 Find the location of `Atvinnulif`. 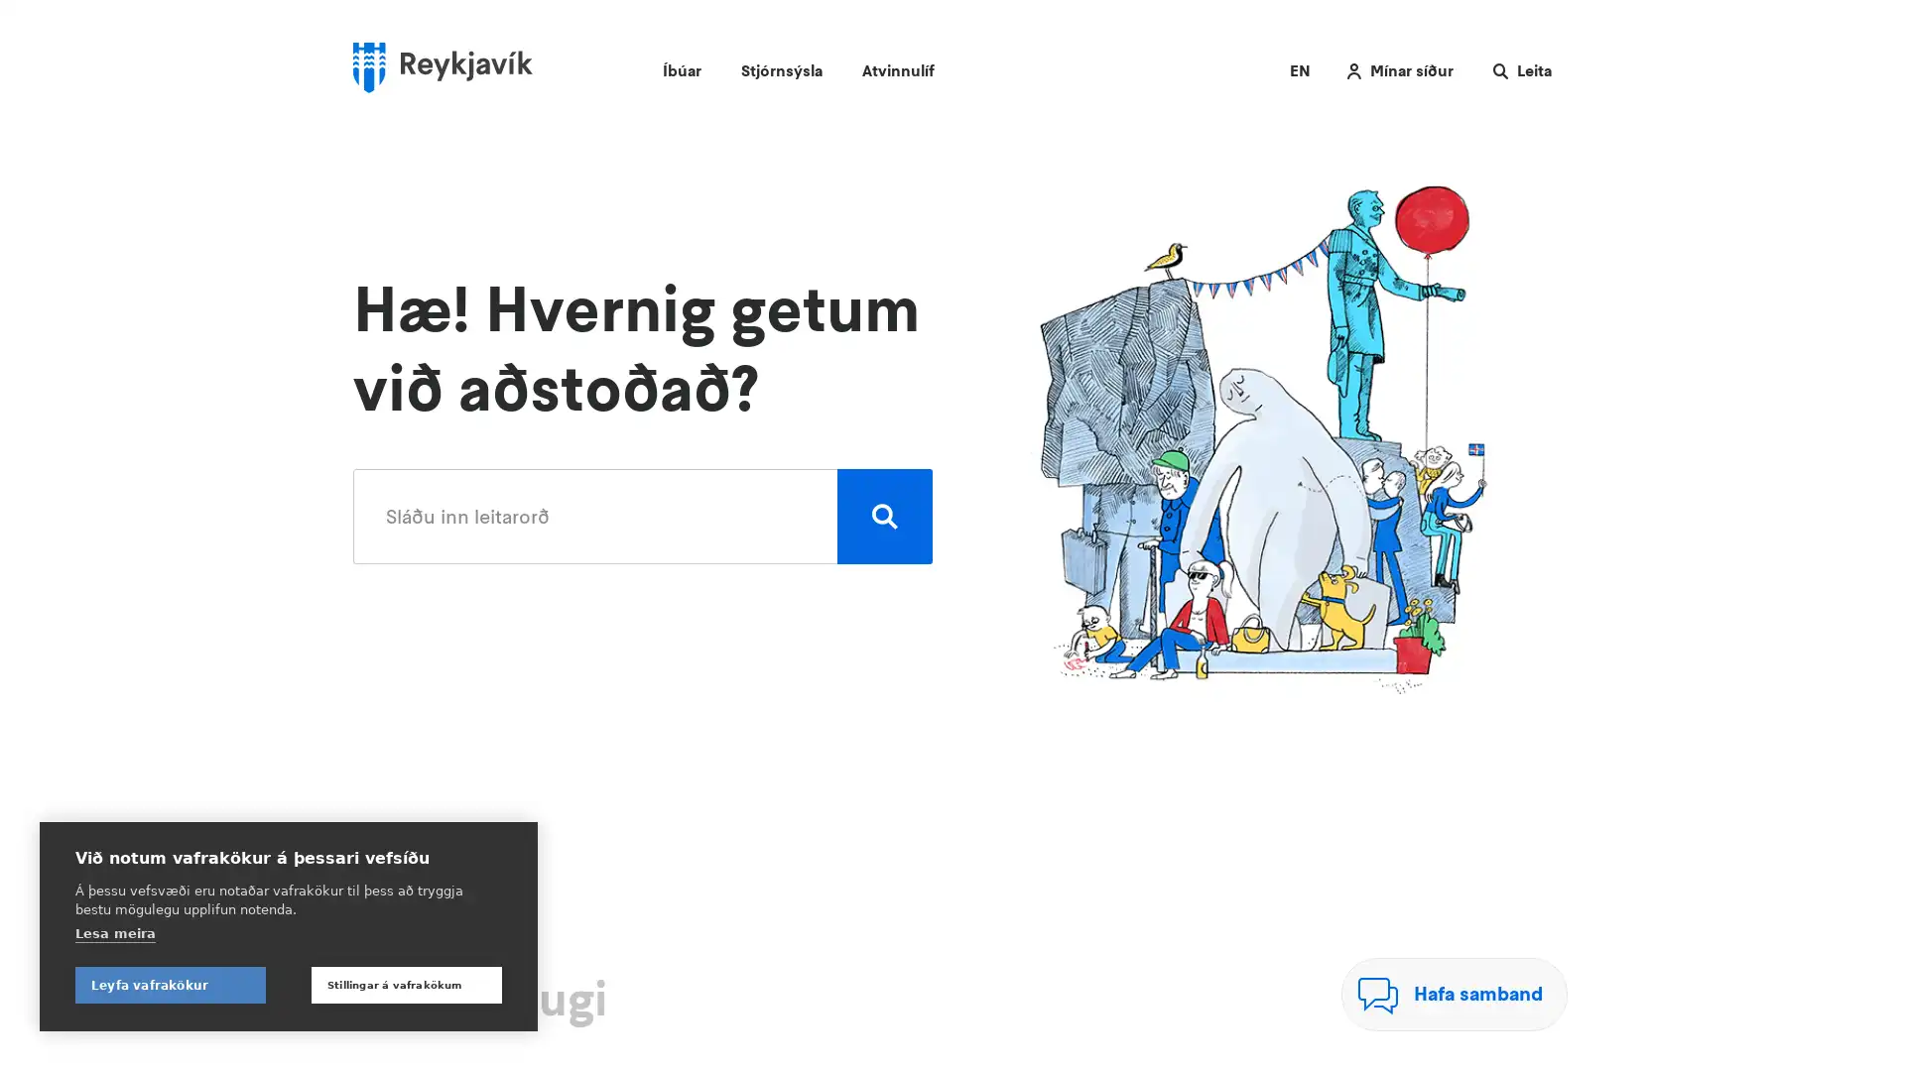

Atvinnulif is located at coordinates (897, 66).